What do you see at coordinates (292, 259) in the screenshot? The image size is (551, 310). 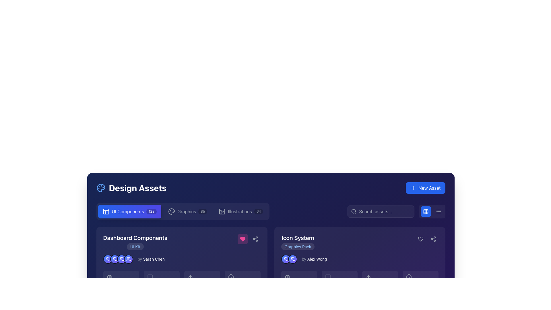 I see `the circular community icon with a gradient background transitioning from blue to violet, bordered by a gray rim` at bounding box center [292, 259].